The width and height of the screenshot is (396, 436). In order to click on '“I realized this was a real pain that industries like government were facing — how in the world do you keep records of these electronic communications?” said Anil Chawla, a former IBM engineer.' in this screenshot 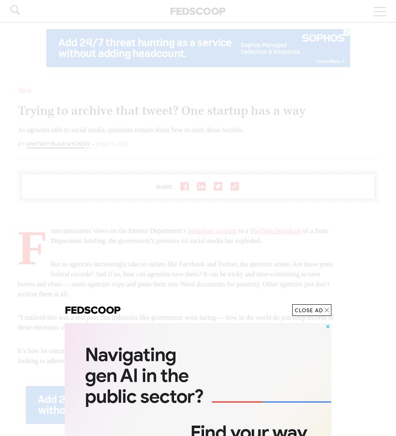, I will do `click(175, 322)`.